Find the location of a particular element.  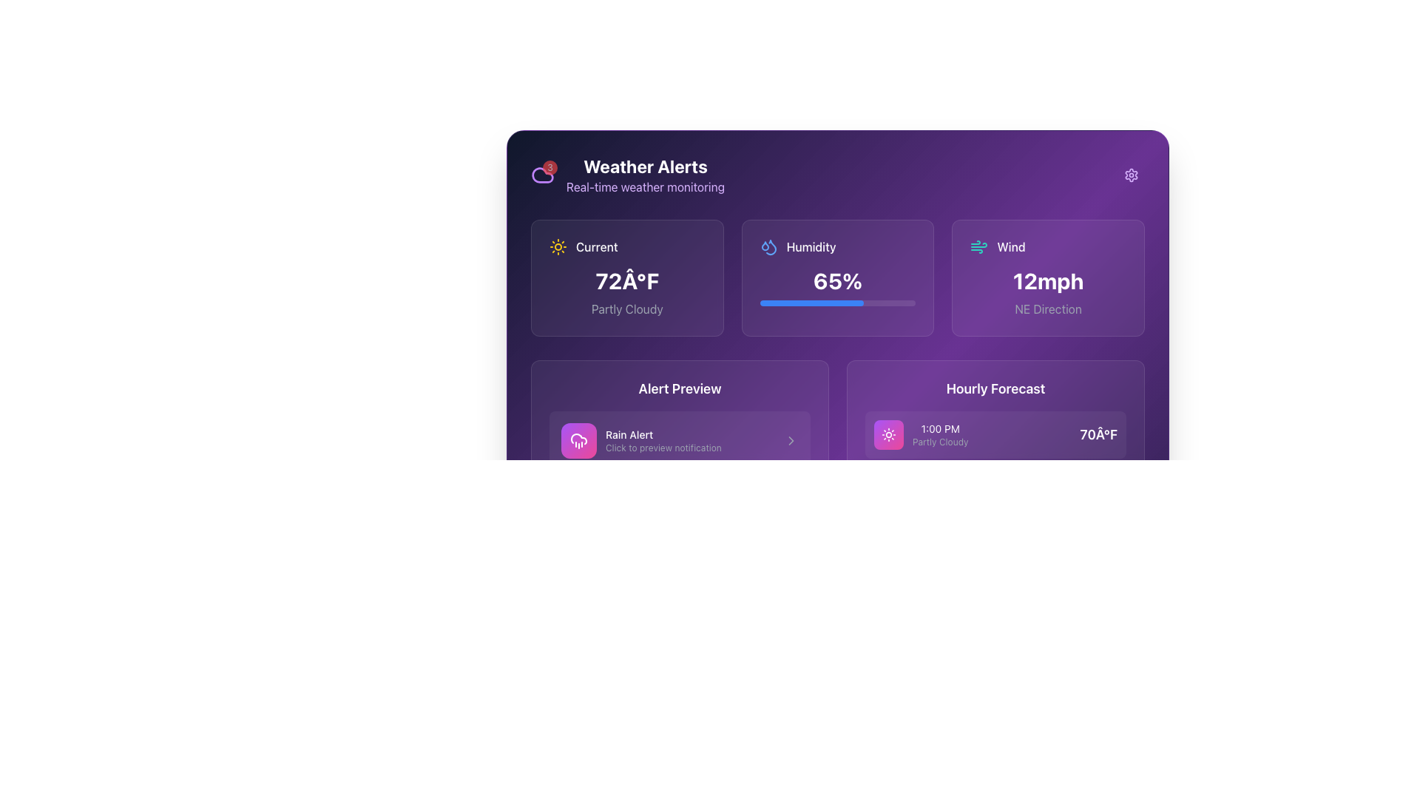

the notification badge displaying the count '3' located at the top-right corner of the purple cloud icon is located at coordinates (550, 167).